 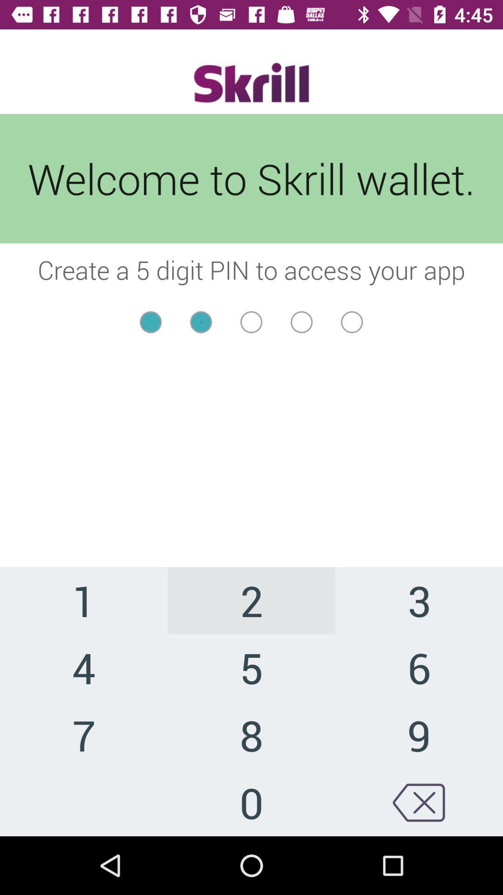 What do you see at coordinates (418, 802) in the screenshot?
I see `delete last character` at bounding box center [418, 802].